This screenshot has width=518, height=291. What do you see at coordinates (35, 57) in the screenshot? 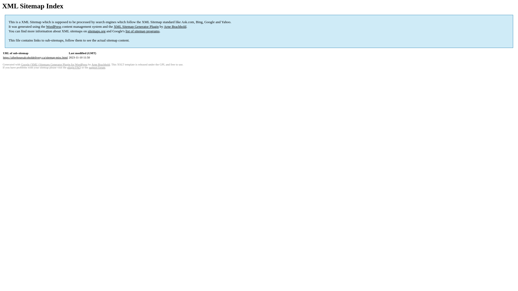
I see `'https://afterhoursalcoholdelivery.ca/sitemap-misc.html'` at bounding box center [35, 57].